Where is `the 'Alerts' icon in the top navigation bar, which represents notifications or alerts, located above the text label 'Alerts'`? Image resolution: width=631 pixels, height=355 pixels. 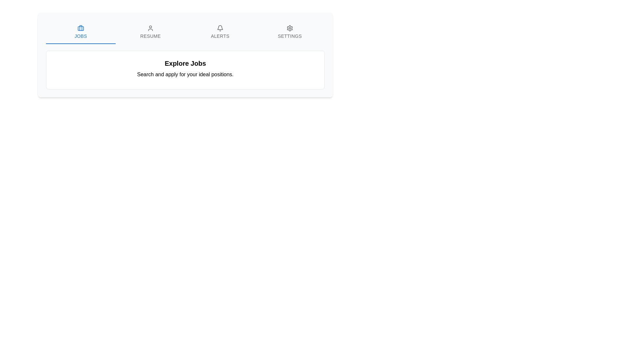
the 'Alerts' icon in the top navigation bar, which represents notifications or alerts, located above the text label 'Alerts' is located at coordinates (220, 28).